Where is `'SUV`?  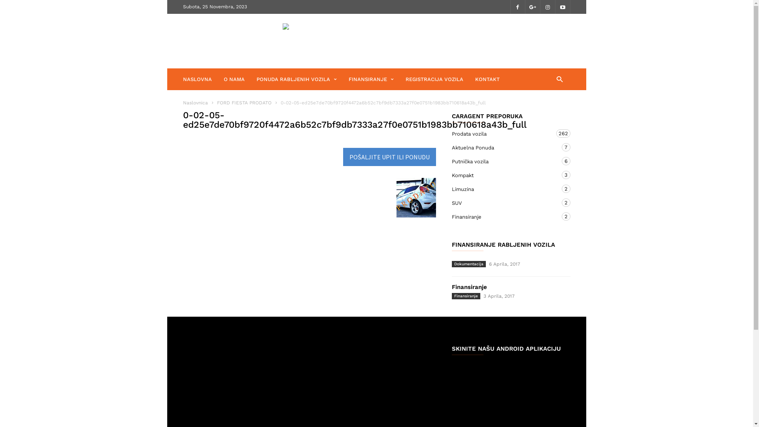 'SUV is located at coordinates (502, 202).